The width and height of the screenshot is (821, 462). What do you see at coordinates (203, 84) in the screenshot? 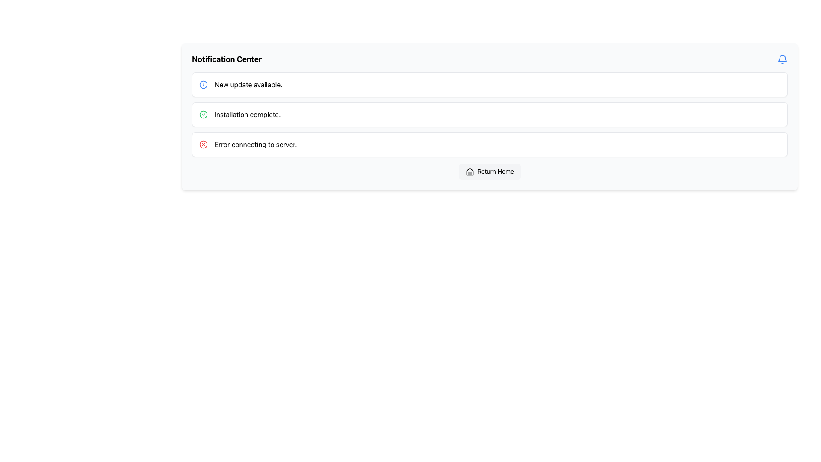
I see `the blue circular information icon located at the leftmost position of the first notification item next to the text 'New update available.'` at bounding box center [203, 84].